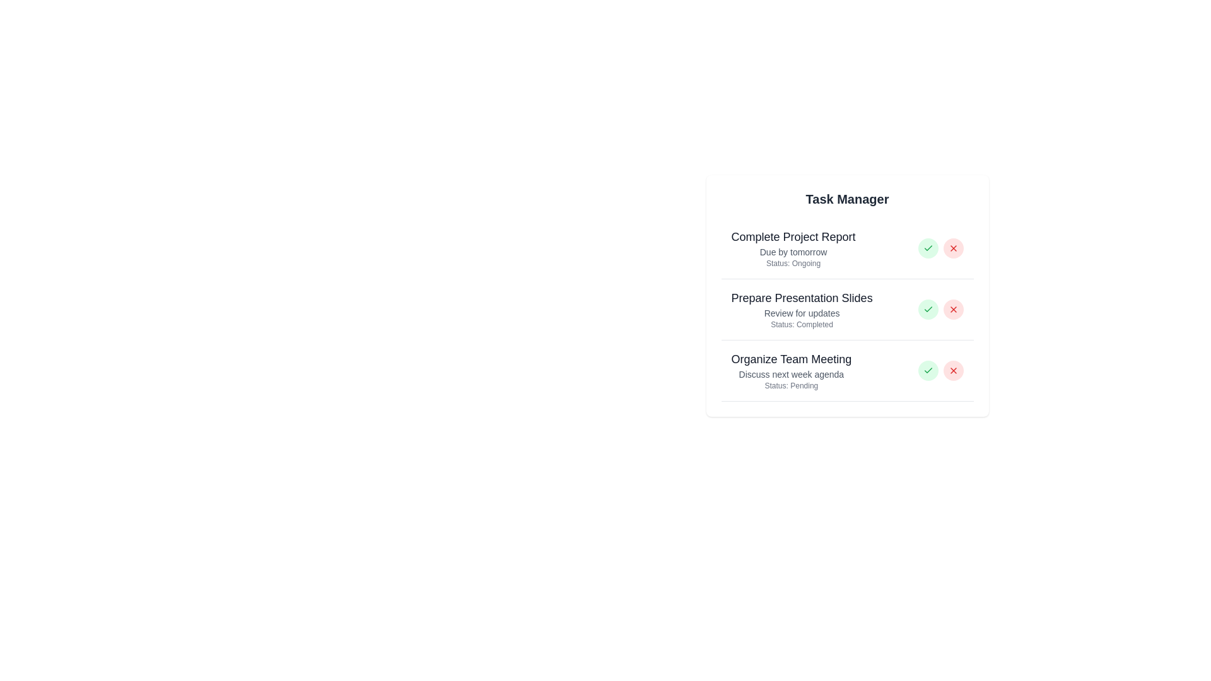 This screenshot has height=681, width=1211. Describe the element at coordinates (792, 252) in the screenshot. I see `the informational Text Label that provides the deadline for the 'Complete Project Report' task, located centrally below the heading and above the task status indicator` at that location.